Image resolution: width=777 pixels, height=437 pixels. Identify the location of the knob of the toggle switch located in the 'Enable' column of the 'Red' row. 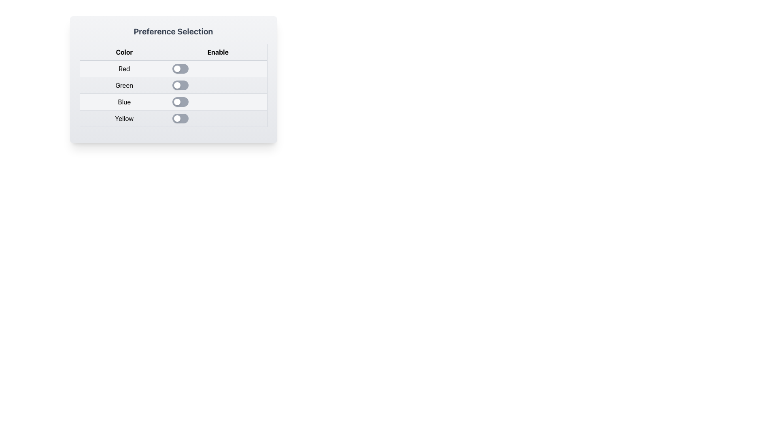
(180, 68).